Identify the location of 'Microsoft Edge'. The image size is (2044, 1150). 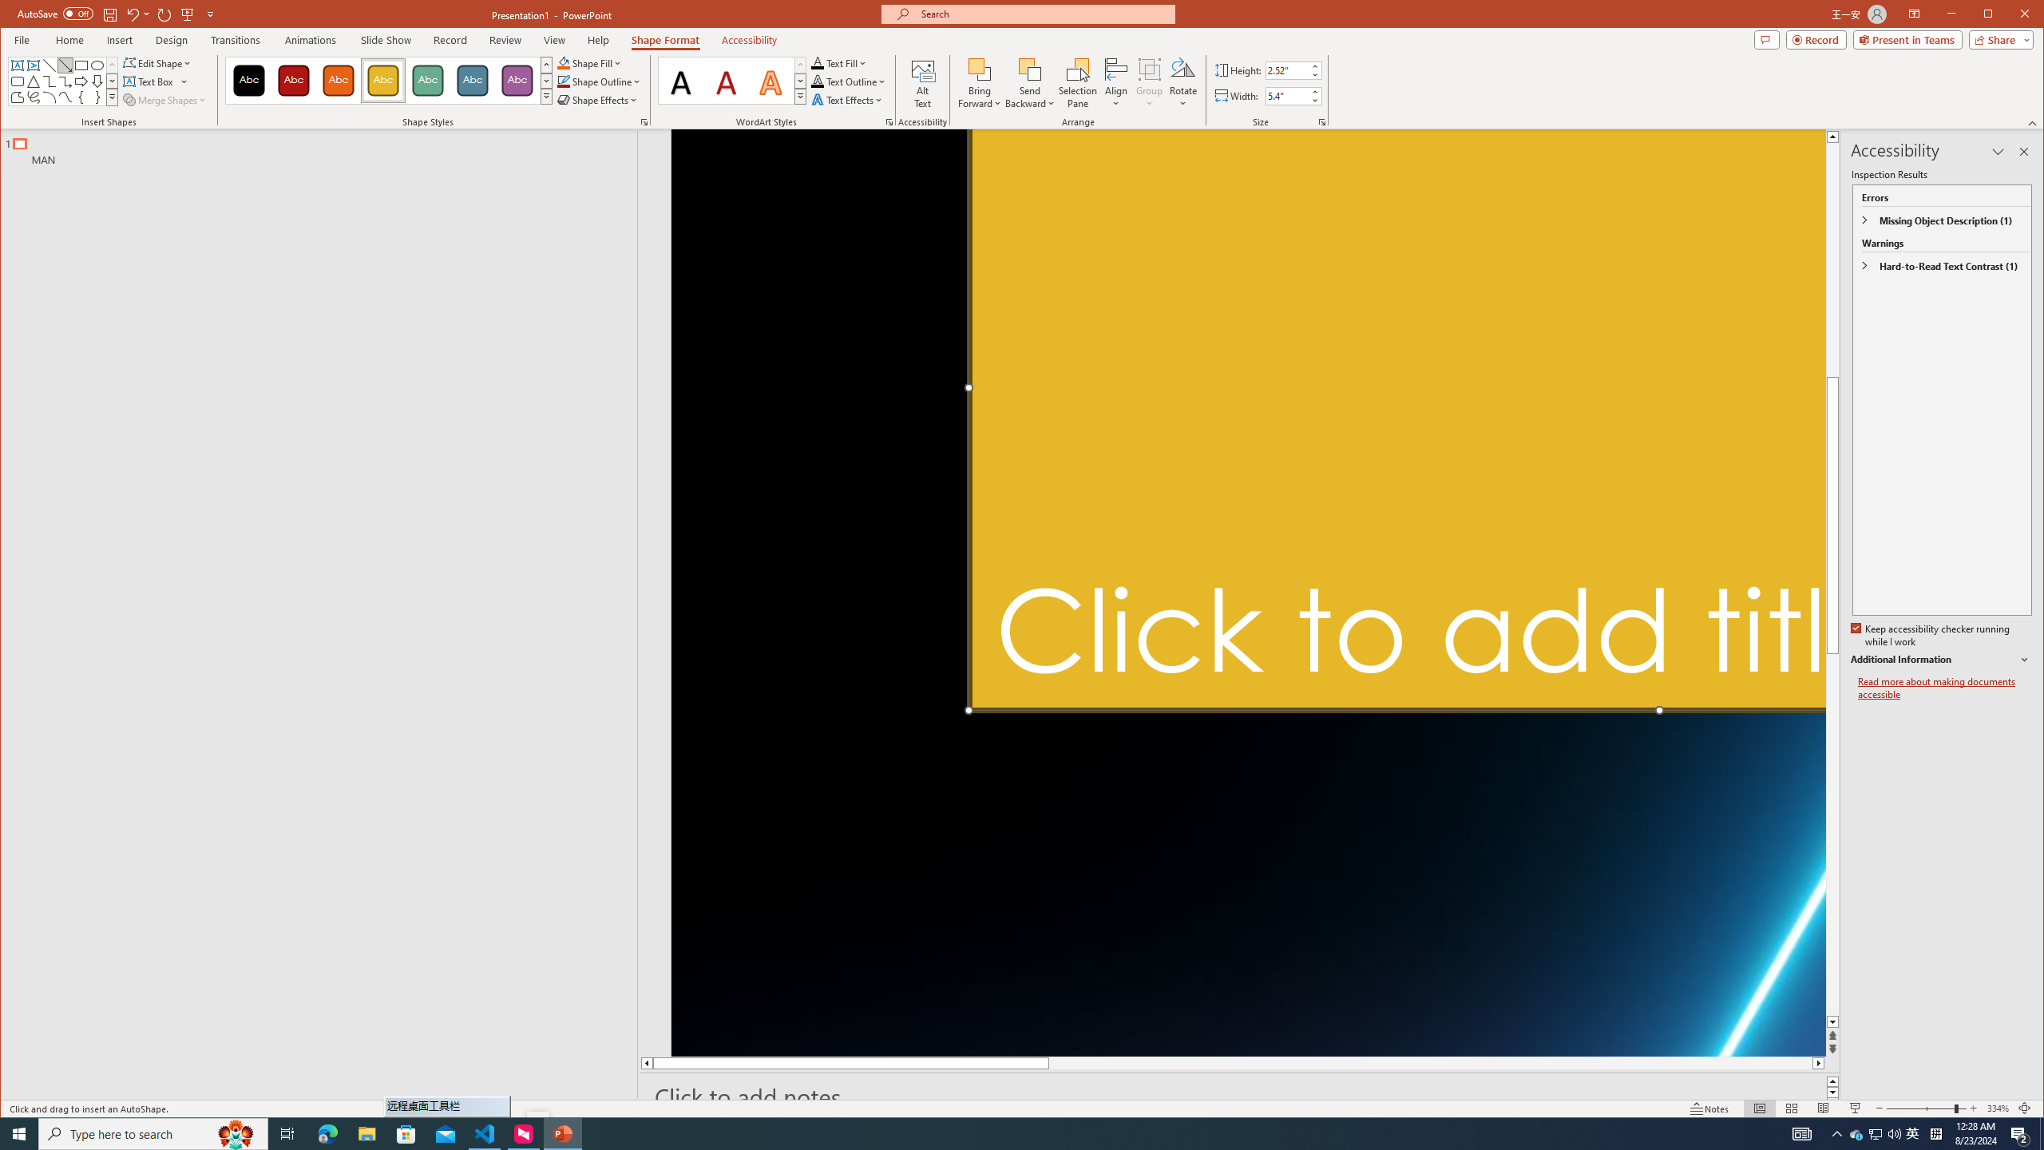
(327, 1132).